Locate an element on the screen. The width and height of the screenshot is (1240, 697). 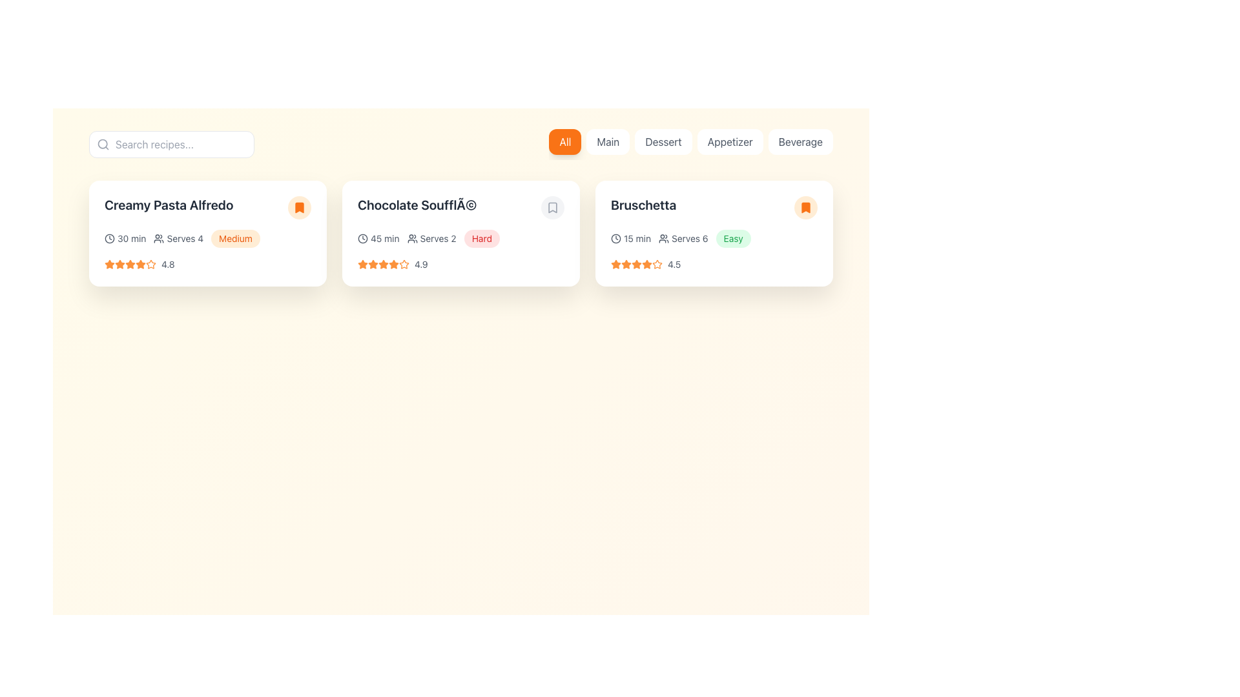
the text-based informational component displaying metadata about the recipe 'Chocolate Soufflé', which includes preparation time, servings, and difficulty level is located at coordinates (461, 239).